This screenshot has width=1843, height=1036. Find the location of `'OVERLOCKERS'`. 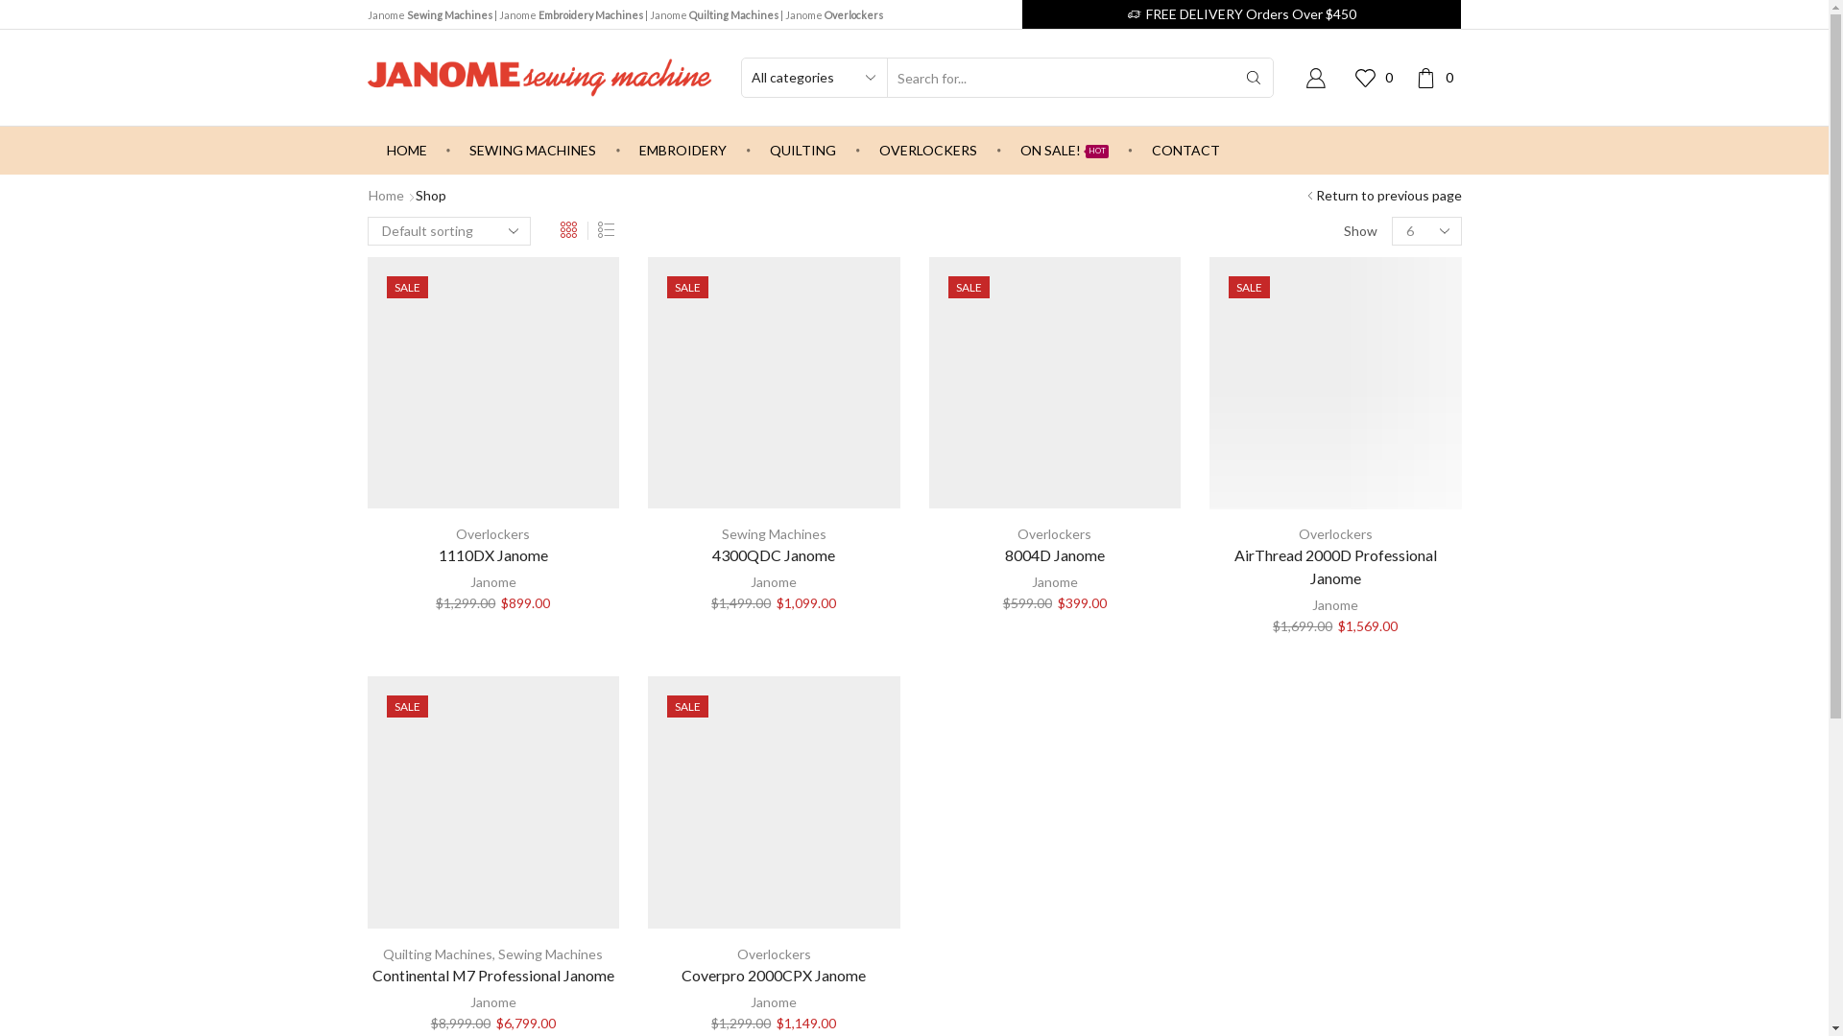

'OVERLOCKERS' is located at coordinates (927, 150).